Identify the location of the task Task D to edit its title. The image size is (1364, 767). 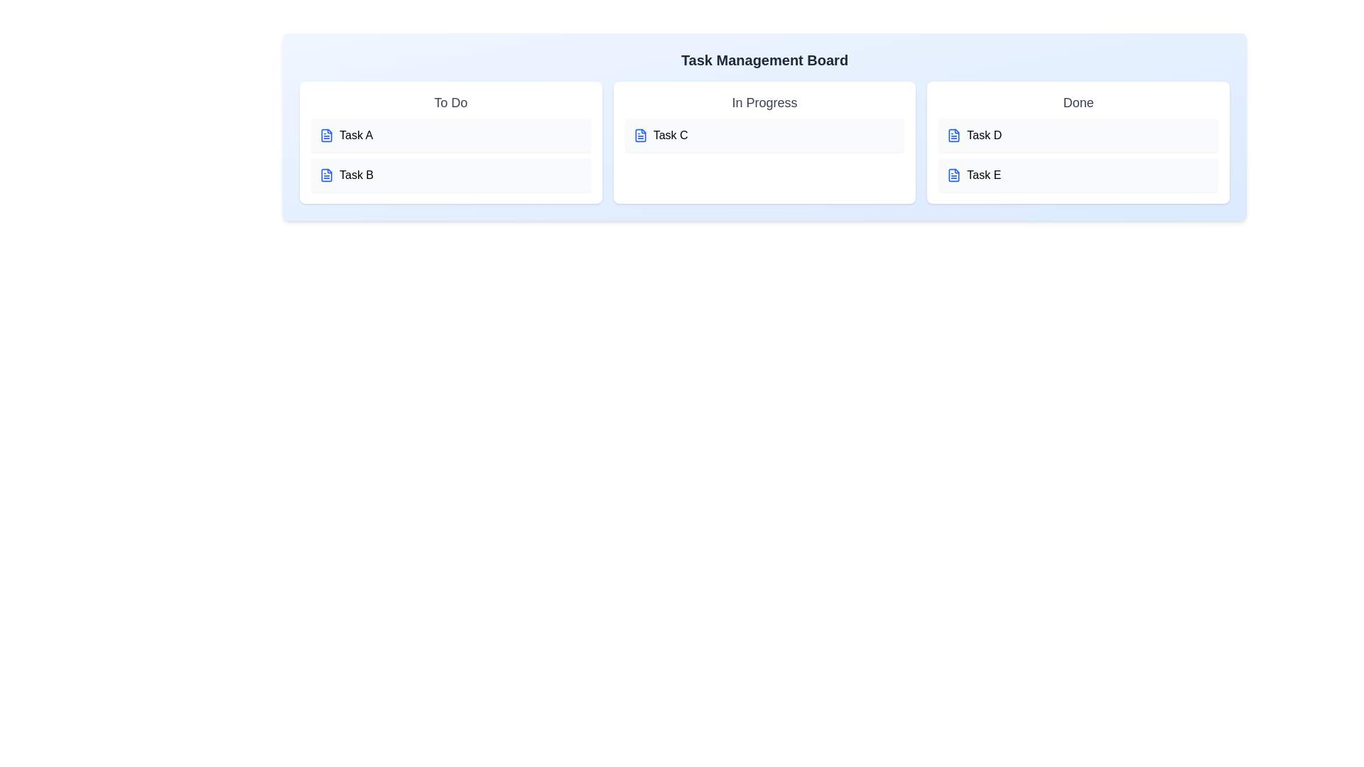
(1078, 136).